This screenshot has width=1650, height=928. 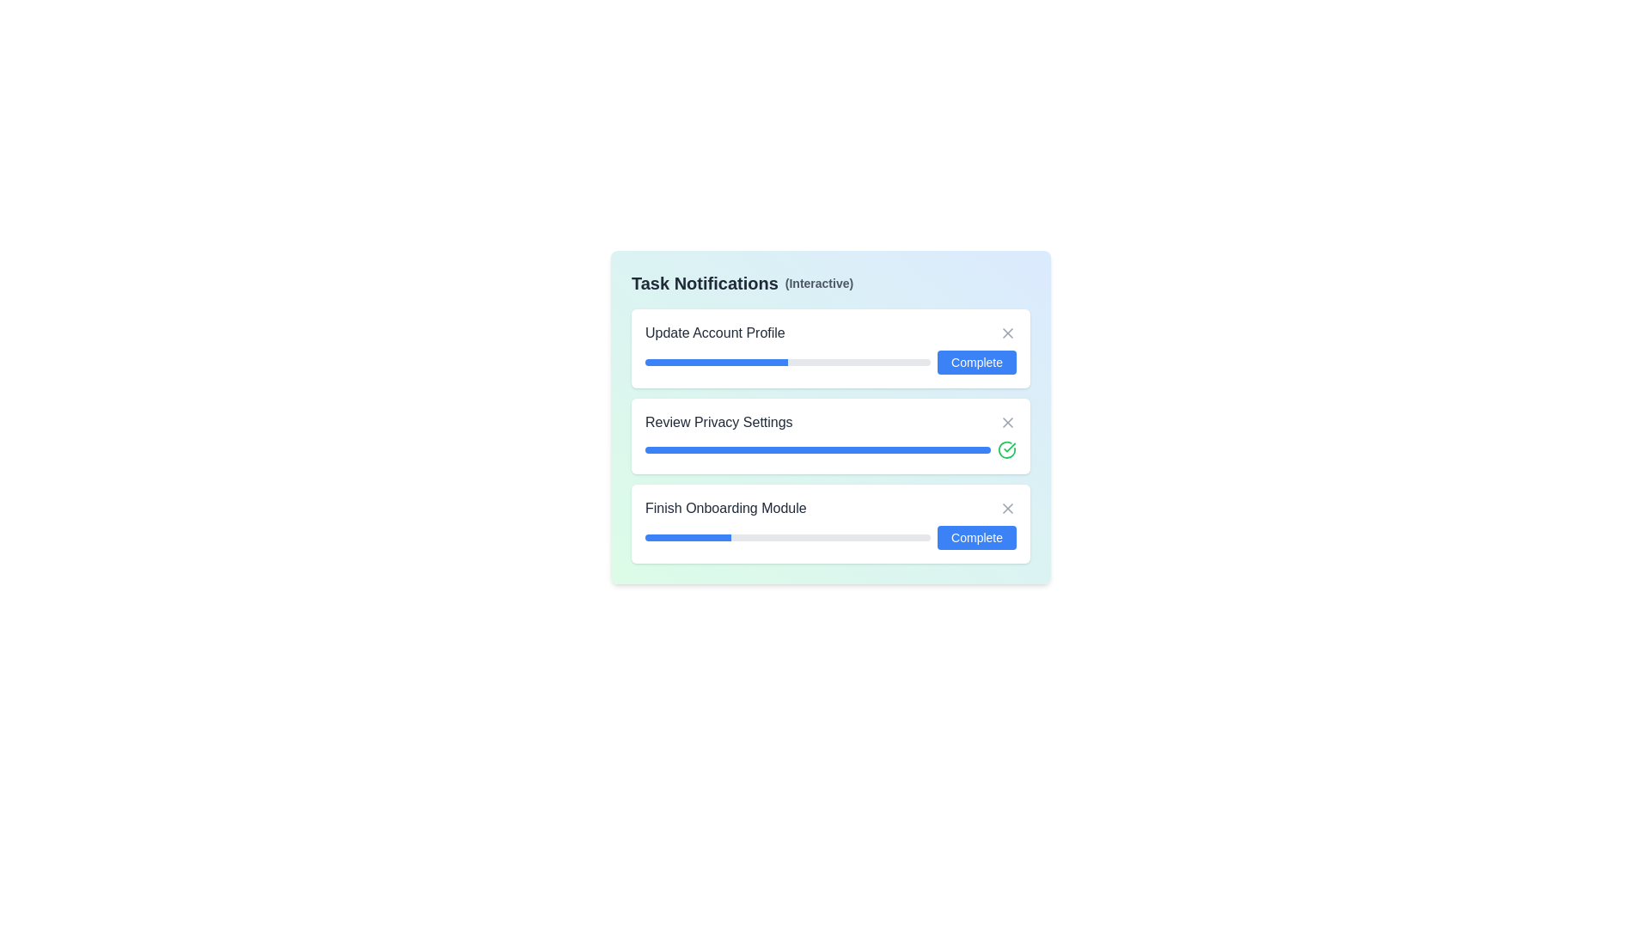 What do you see at coordinates (1007, 333) in the screenshot?
I see `'X' button next to the task titled Update Account Profile` at bounding box center [1007, 333].